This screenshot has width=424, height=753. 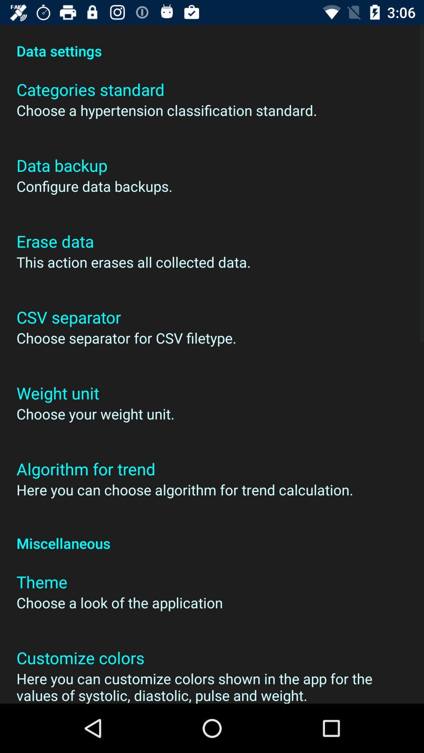 What do you see at coordinates (95, 413) in the screenshot?
I see `icon below weight unit app` at bounding box center [95, 413].